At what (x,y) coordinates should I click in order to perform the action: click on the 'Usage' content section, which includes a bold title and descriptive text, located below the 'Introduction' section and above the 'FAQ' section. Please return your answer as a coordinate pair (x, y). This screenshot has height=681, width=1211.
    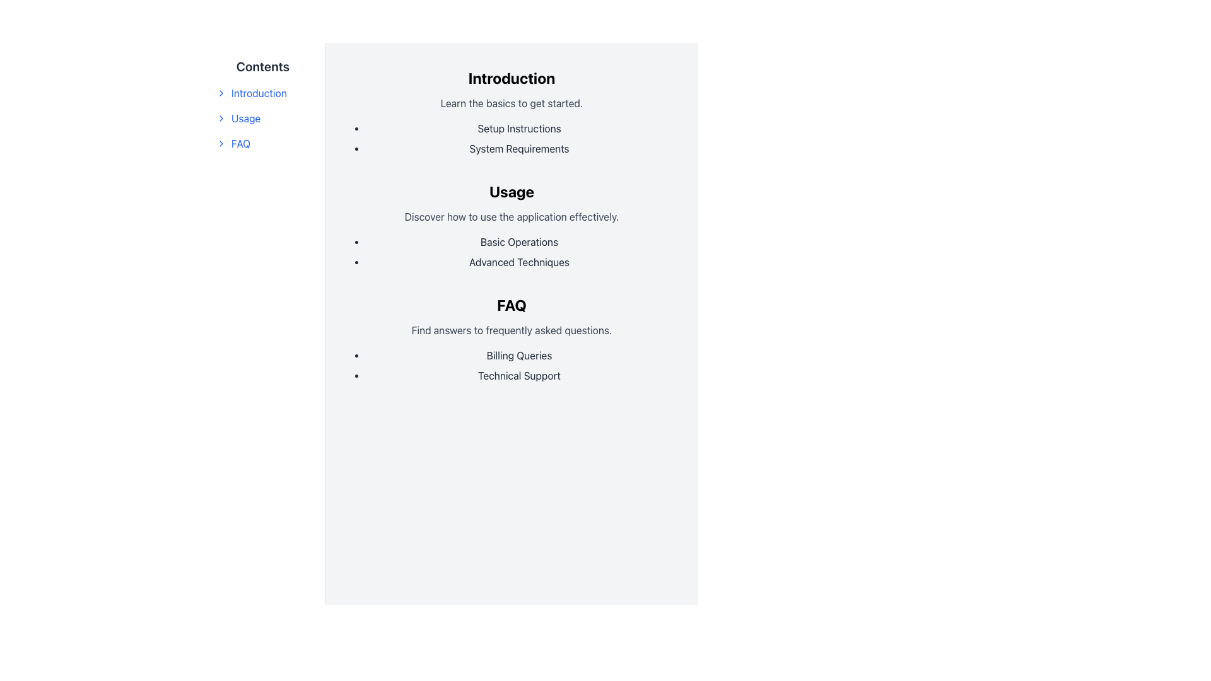
    Looking at the image, I should click on (512, 225).